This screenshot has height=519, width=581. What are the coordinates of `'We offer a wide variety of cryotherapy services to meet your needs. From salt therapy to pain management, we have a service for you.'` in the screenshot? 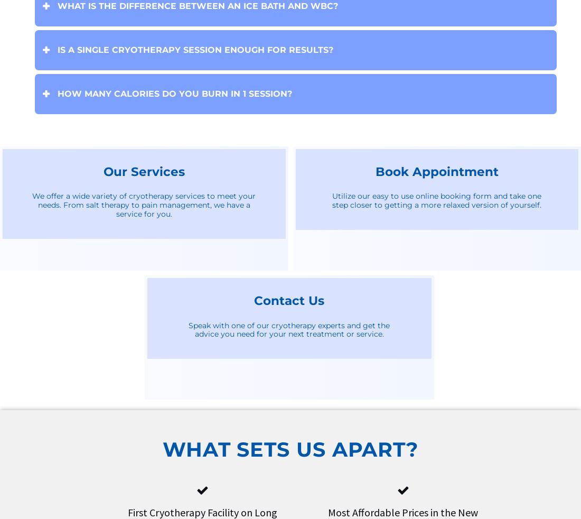 It's located at (144, 205).